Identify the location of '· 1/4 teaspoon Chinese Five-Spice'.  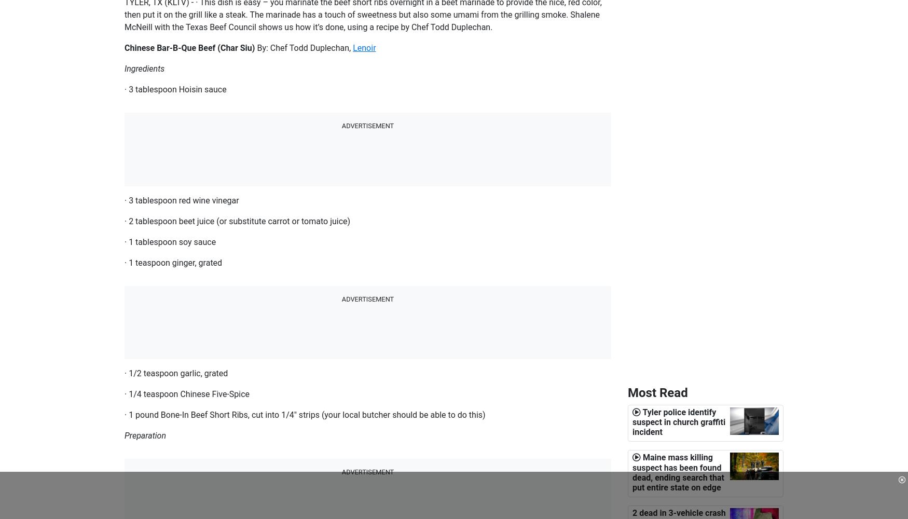
(187, 393).